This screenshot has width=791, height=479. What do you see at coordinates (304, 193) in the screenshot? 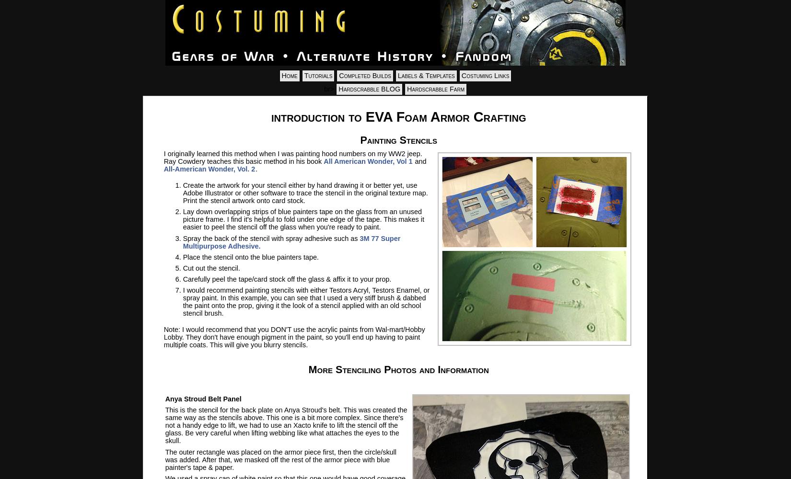
I see `'Create the artwork for your stencil either by hand drawing it or better yet, use Adobe Illustrator or other software to trace the stencil 
  in the original texture map. Print the stencil artwork onto card stock.'` at bounding box center [304, 193].